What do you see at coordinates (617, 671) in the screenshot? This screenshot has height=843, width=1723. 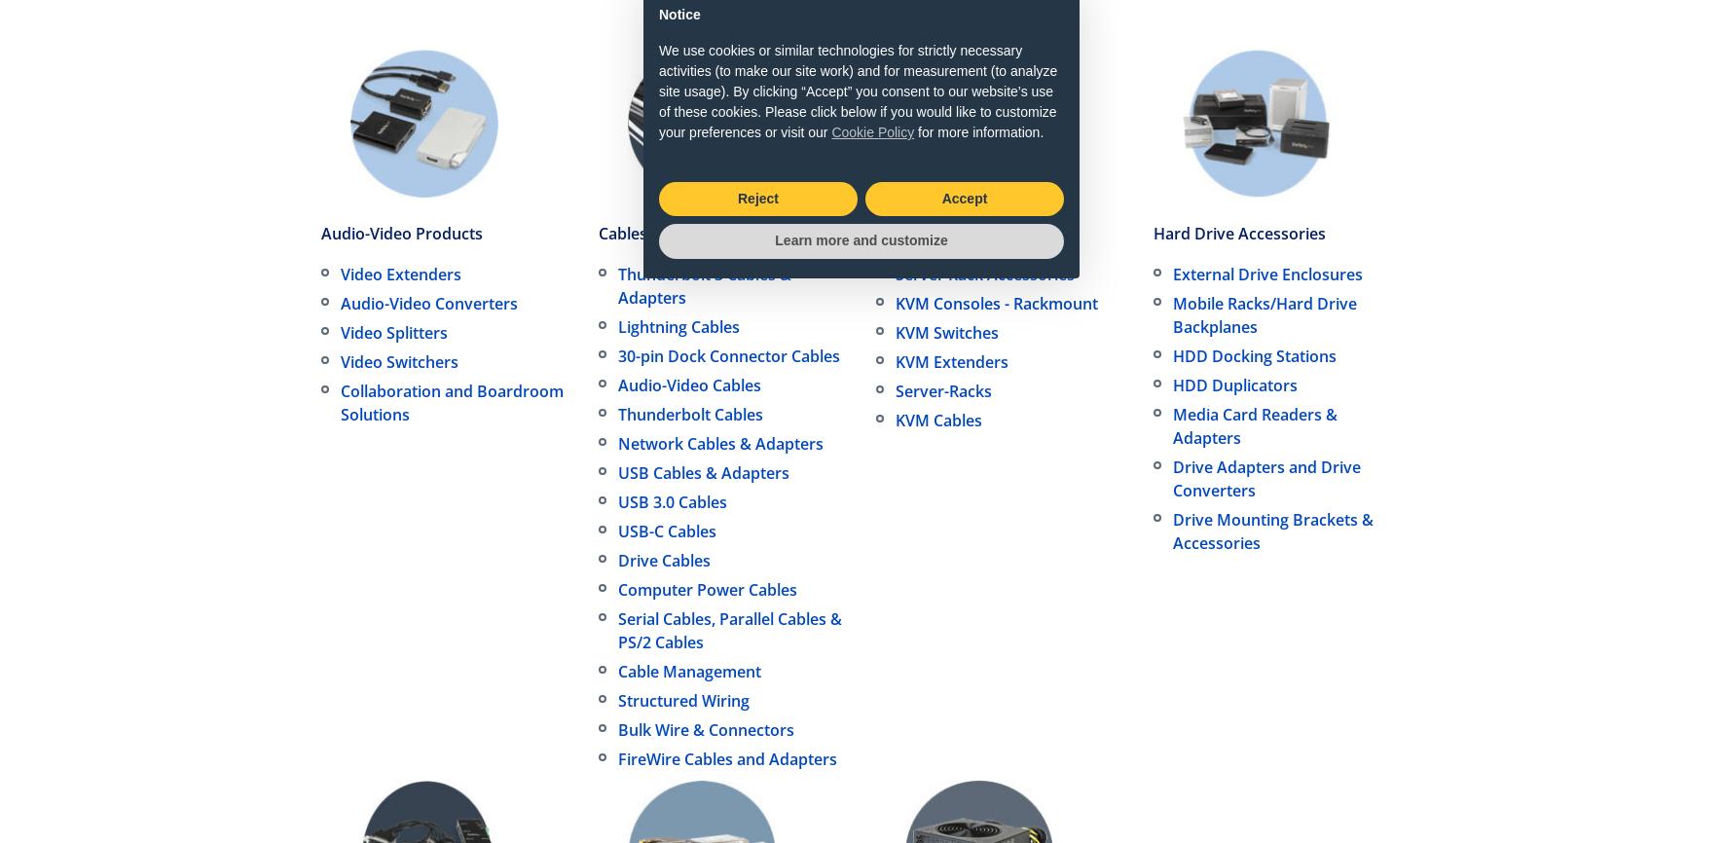 I see `'Cable Management'` at bounding box center [617, 671].